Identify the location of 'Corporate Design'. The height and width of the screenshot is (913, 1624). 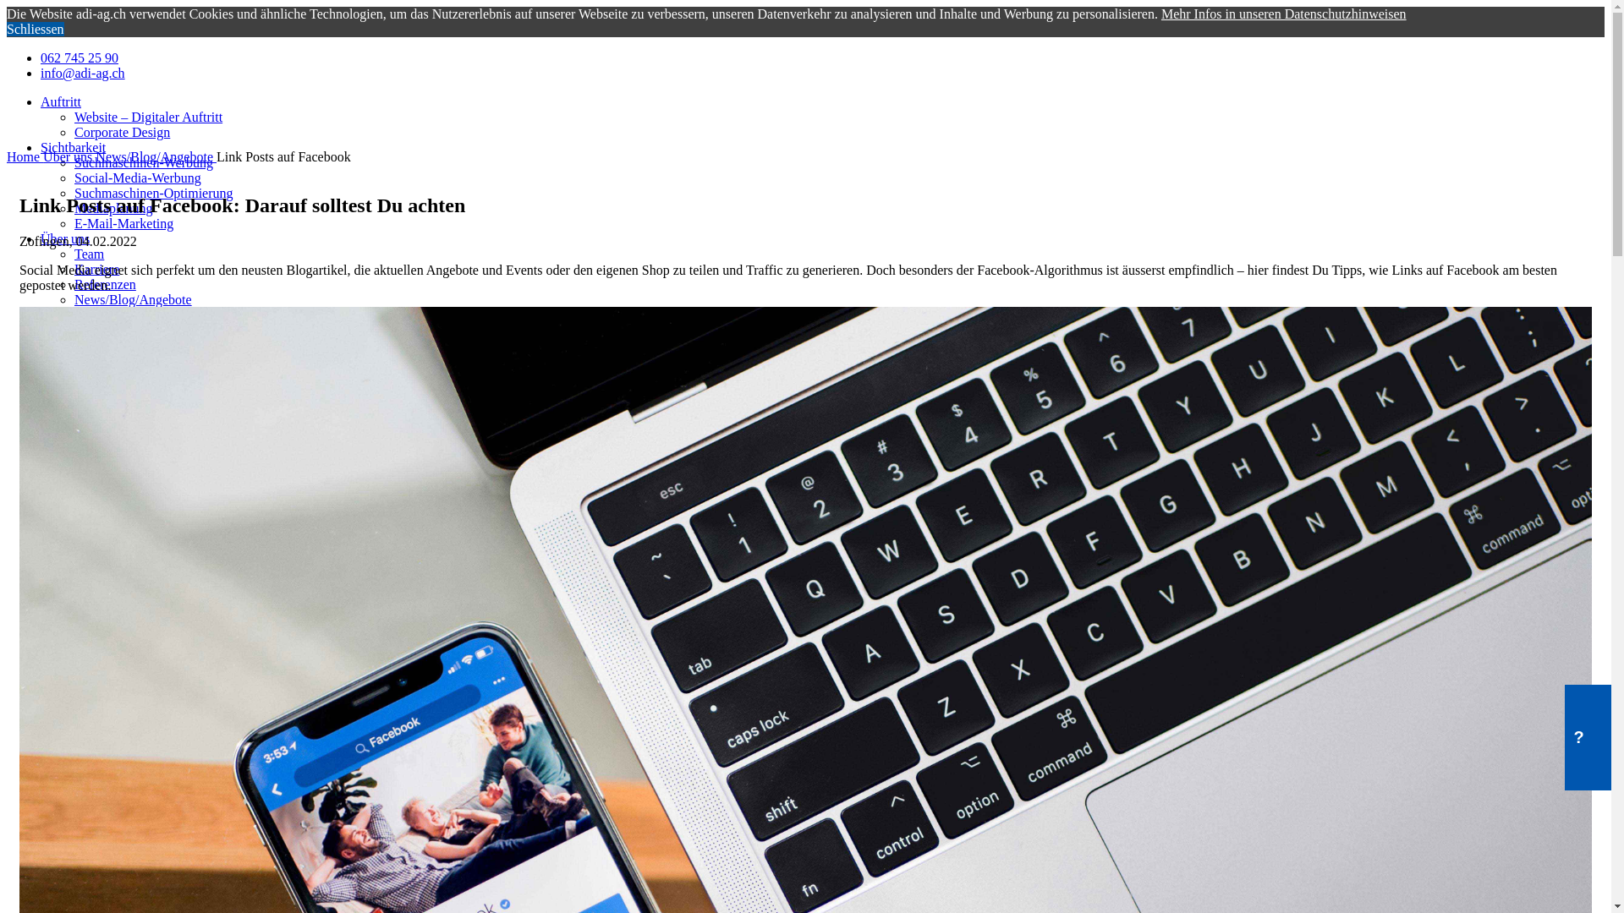
(73, 131).